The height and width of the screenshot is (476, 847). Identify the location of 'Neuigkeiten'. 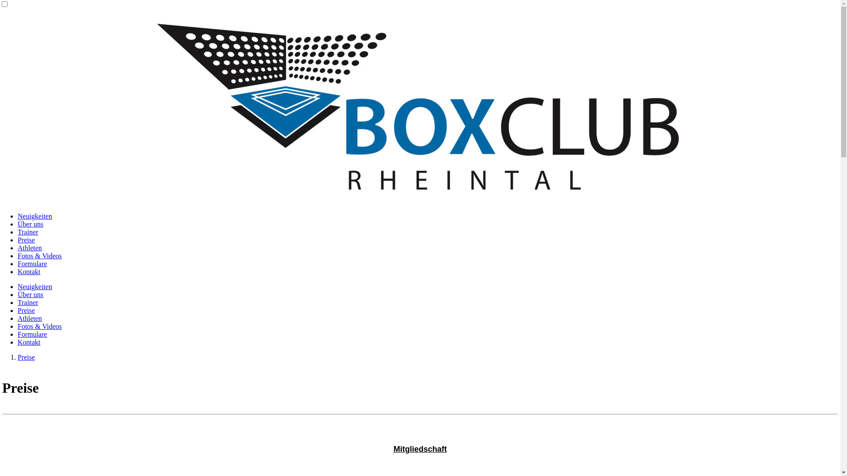
(17, 286).